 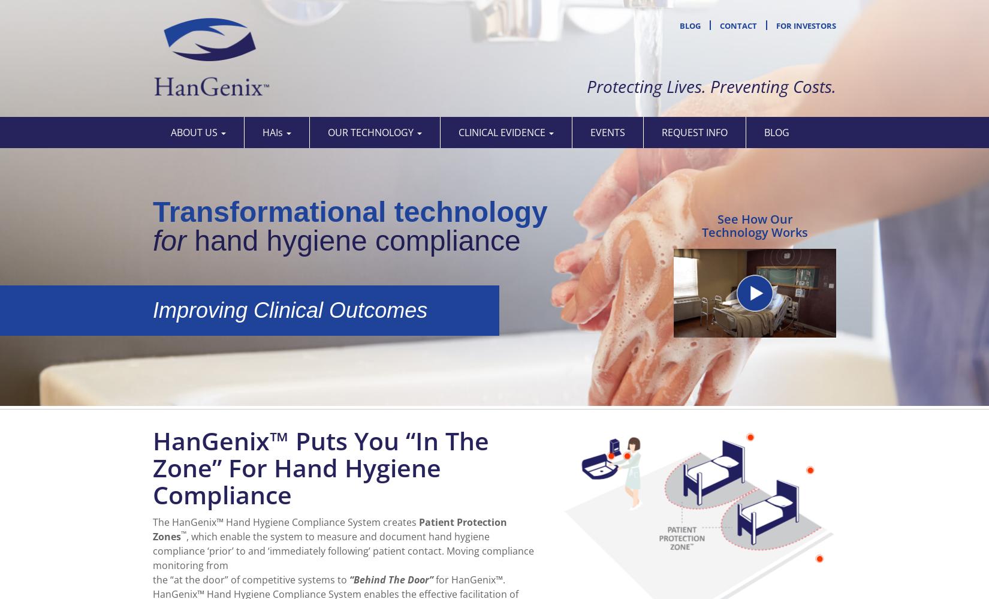 What do you see at coordinates (348, 579) in the screenshot?
I see `'“Behind The Door”'` at bounding box center [348, 579].